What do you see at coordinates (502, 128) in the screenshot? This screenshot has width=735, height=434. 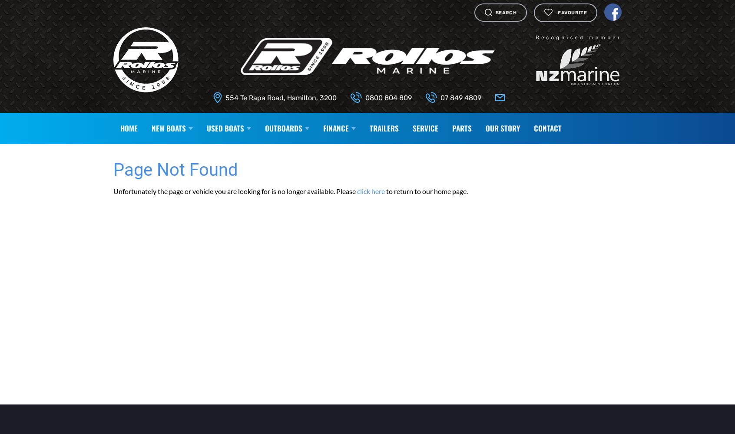 I see `'Our Story'` at bounding box center [502, 128].